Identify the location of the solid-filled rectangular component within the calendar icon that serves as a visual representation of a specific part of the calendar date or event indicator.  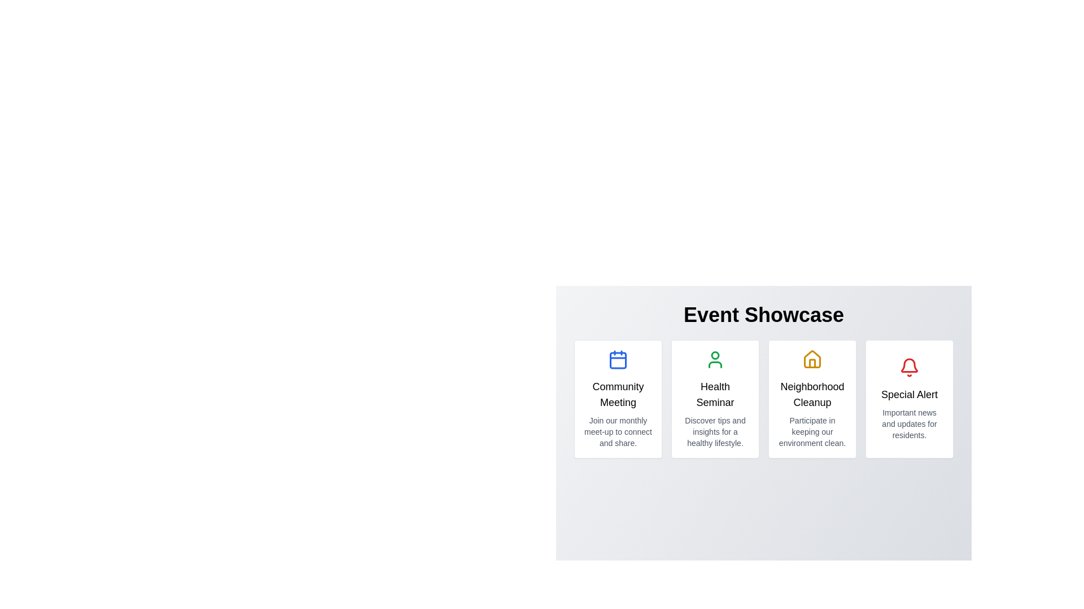
(617, 360).